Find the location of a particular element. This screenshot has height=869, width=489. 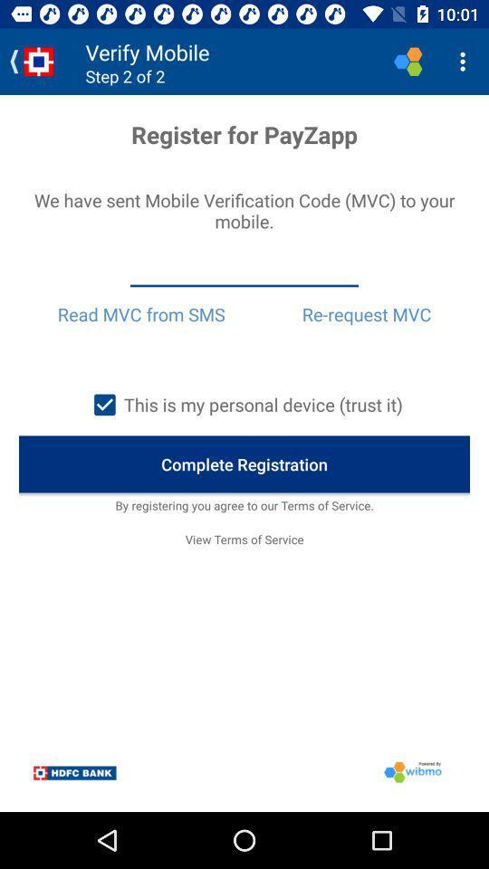

this is my is located at coordinates (244, 405).